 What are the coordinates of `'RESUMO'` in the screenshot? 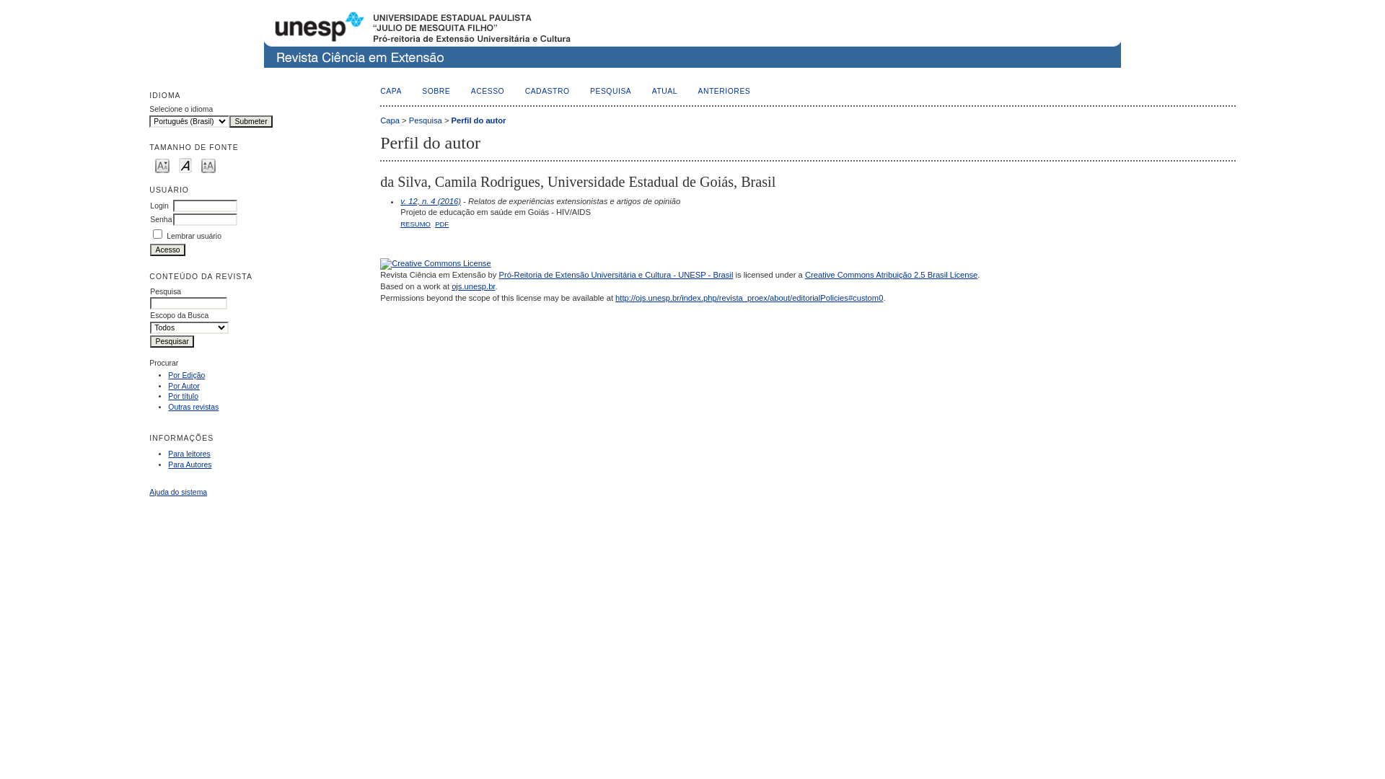 It's located at (415, 224).